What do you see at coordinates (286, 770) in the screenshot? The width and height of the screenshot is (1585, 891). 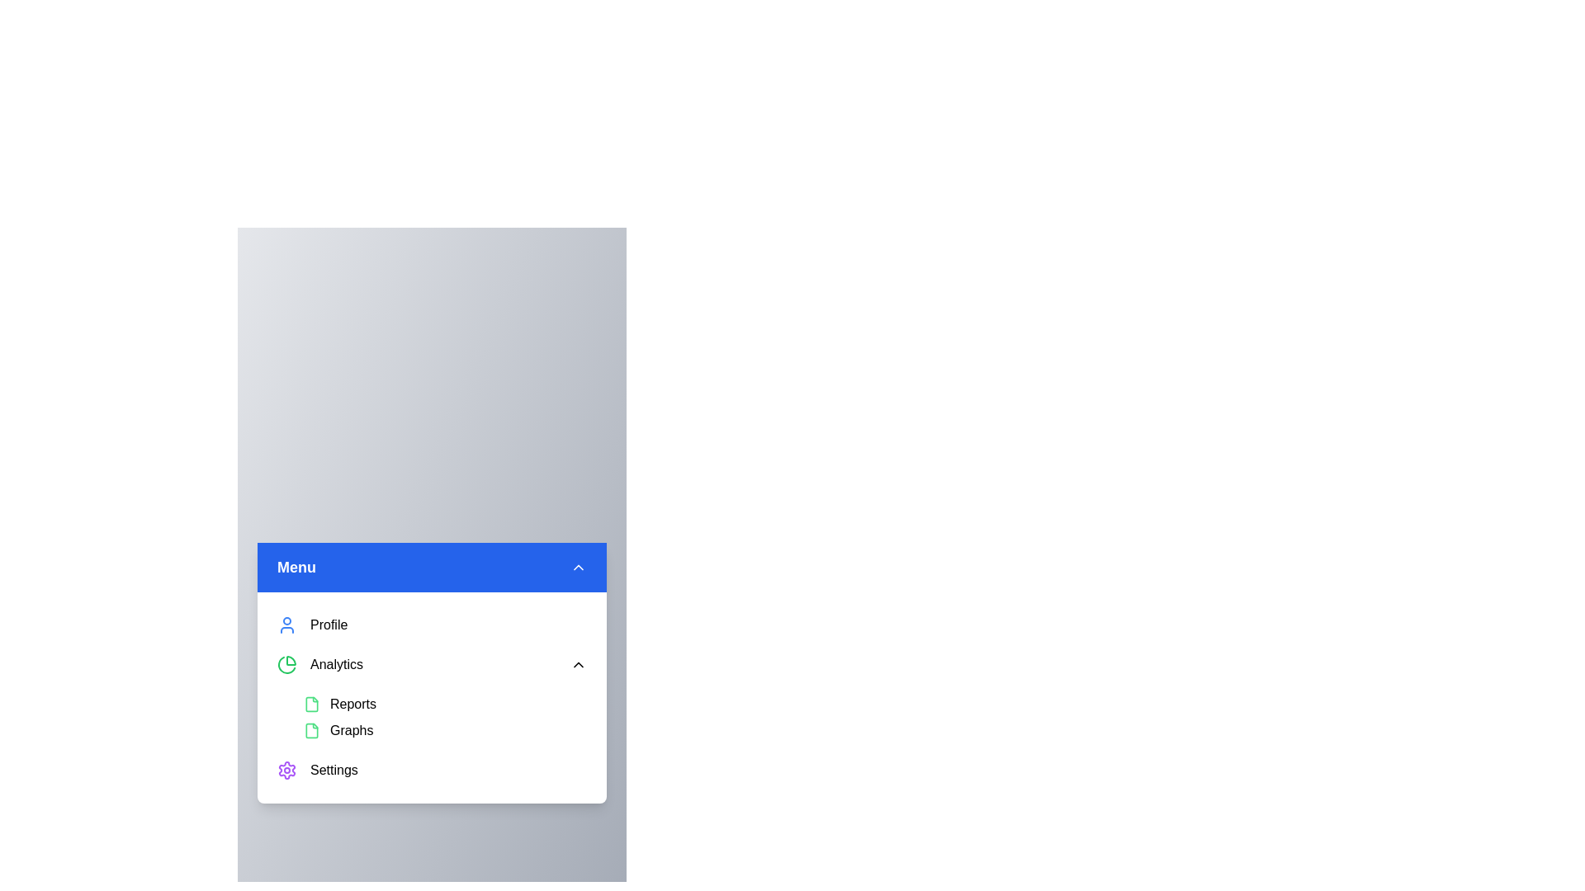 I see `the gear-shaped icon associated with settings, located to the right of the 'Settings' text label` at bounding box center [286, 770].